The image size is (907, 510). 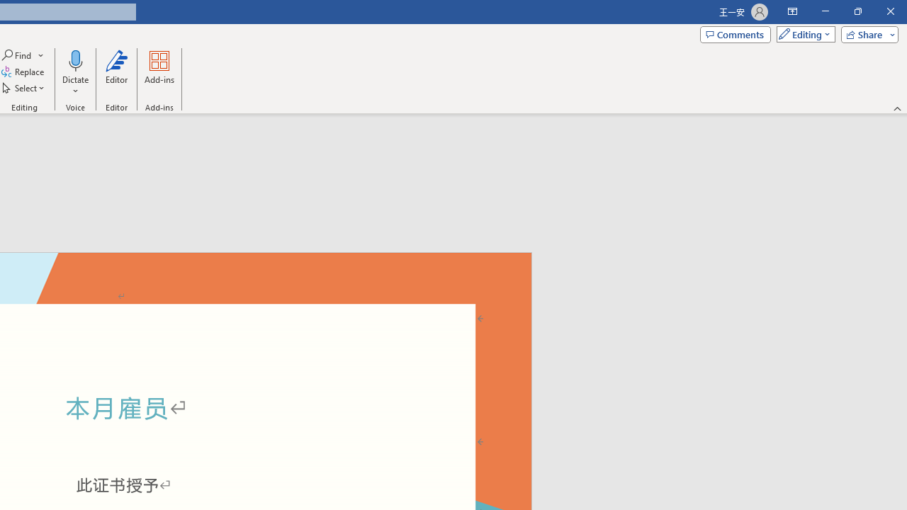 I want to click on 'Ribbon Display Options', so click(x=791, y=11).